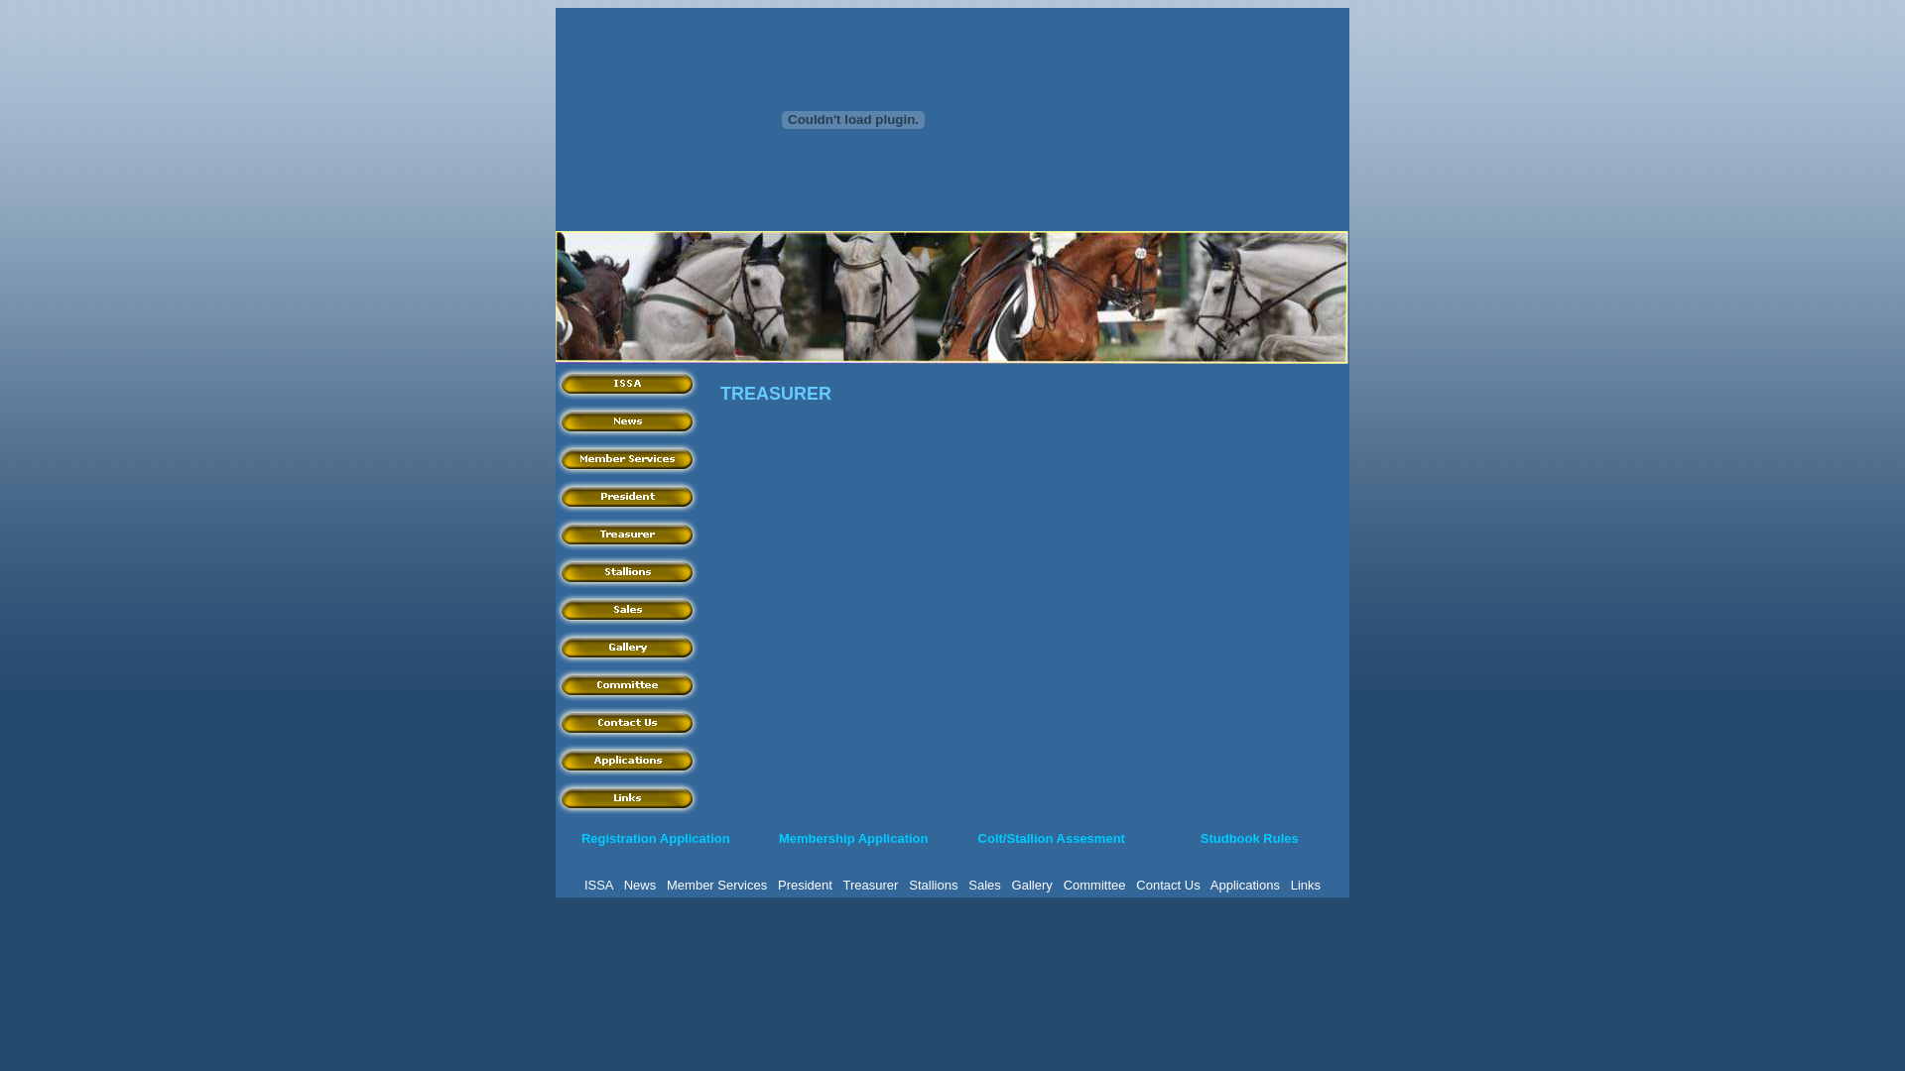 Image resolution: width=1905 pixels, height=1071 pixels. Describe the element at coordinates (1051, 838) in the screenshot. I see `'Colt/Stallion Assesment'` at that location.